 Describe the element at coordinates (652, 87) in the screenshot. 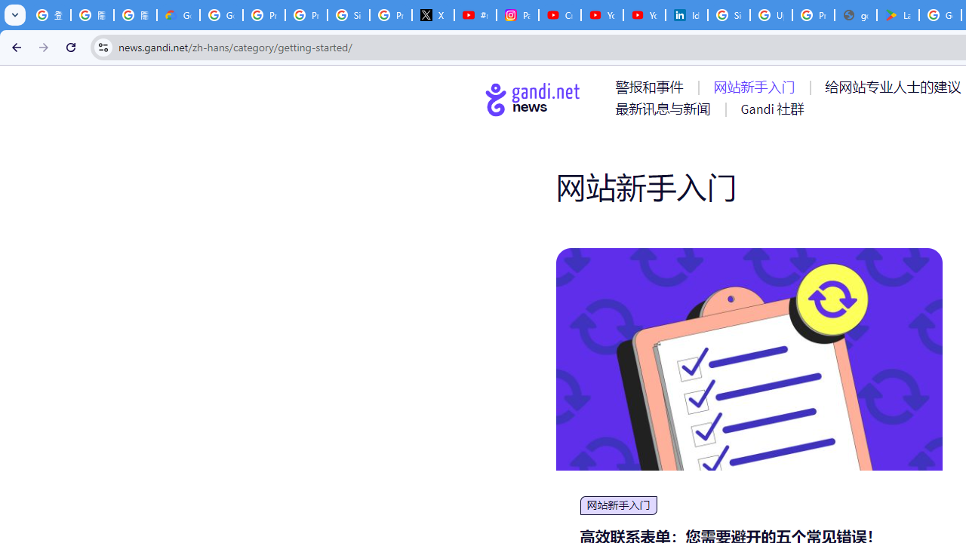

I see `'AutomationID: menu-item-77761'` at that location.